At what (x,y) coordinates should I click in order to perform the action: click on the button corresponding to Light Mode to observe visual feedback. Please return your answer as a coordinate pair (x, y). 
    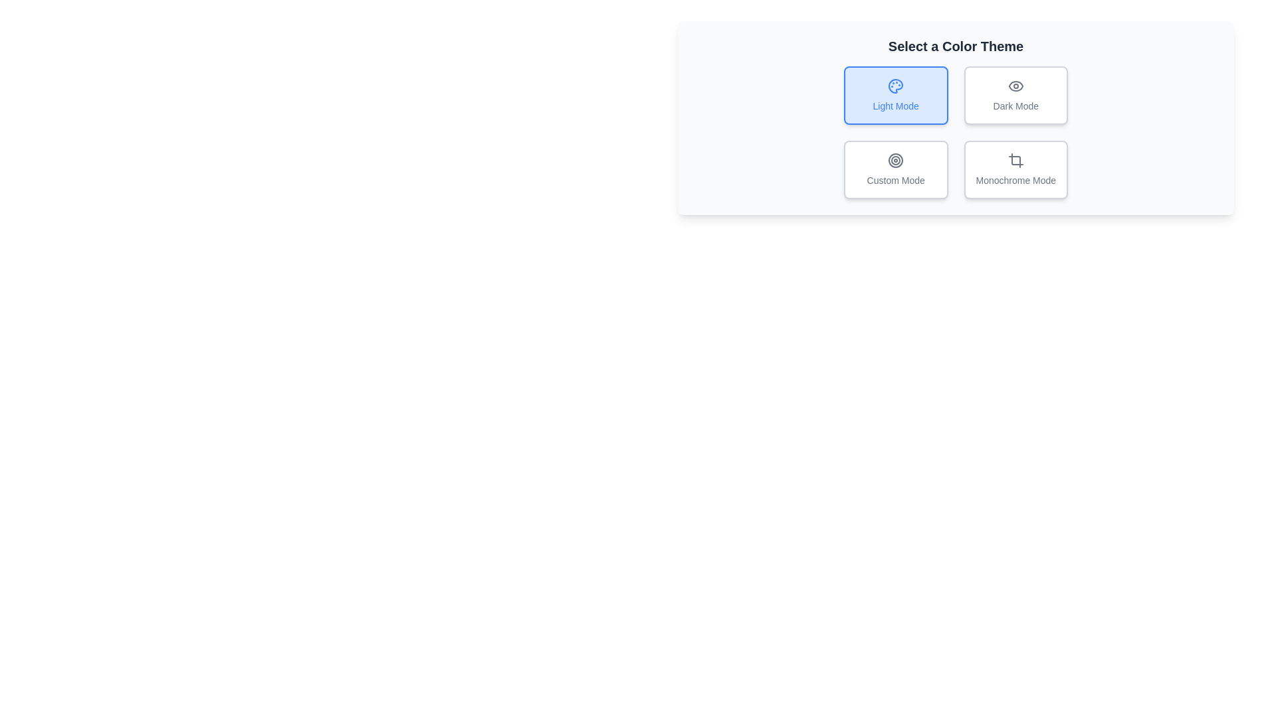
    Looking at the image, I should click on (896, 94).